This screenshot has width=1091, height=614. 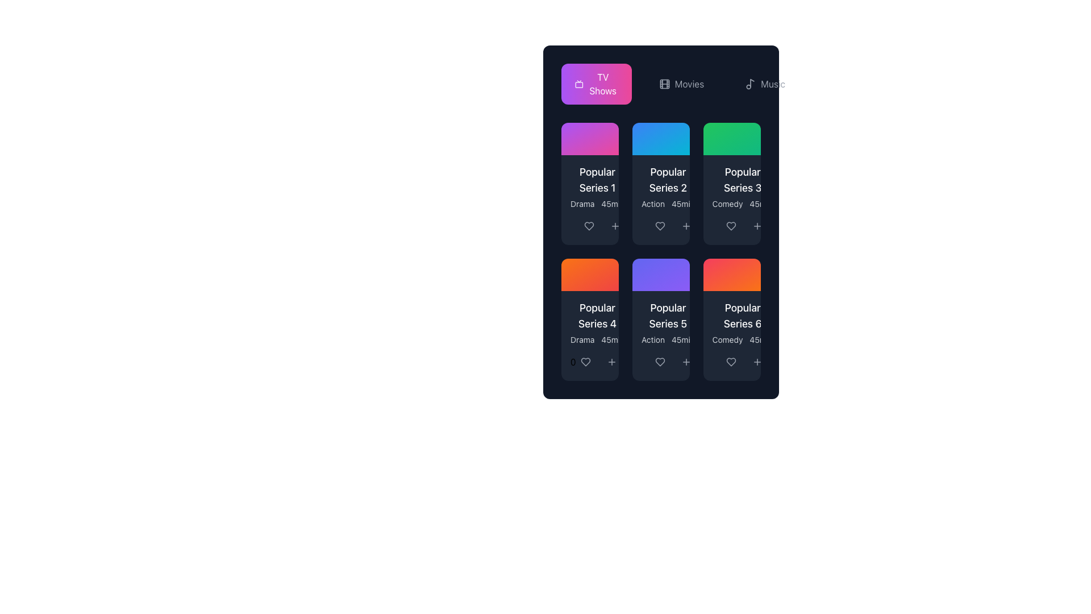 I want to click on the 'like' button located at the center-bottom of the 'Popular Series 5' card, so click(x=660, y=362).